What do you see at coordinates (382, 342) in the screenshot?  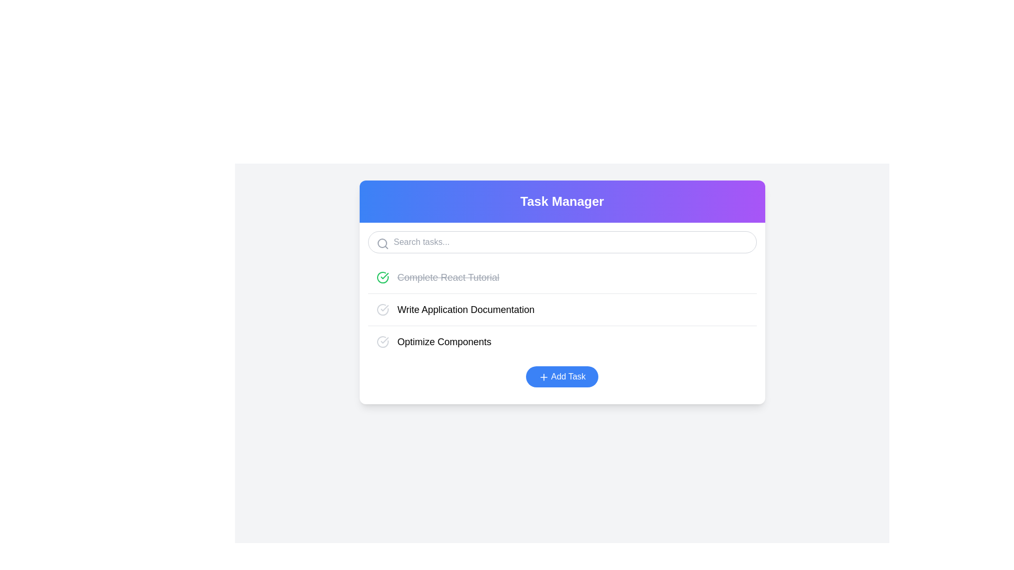 I see `the circular icon with a checkmark inside, which indicates task completion for the 'Optimize Components' entry in the task list` at bounding box center [382, 342].